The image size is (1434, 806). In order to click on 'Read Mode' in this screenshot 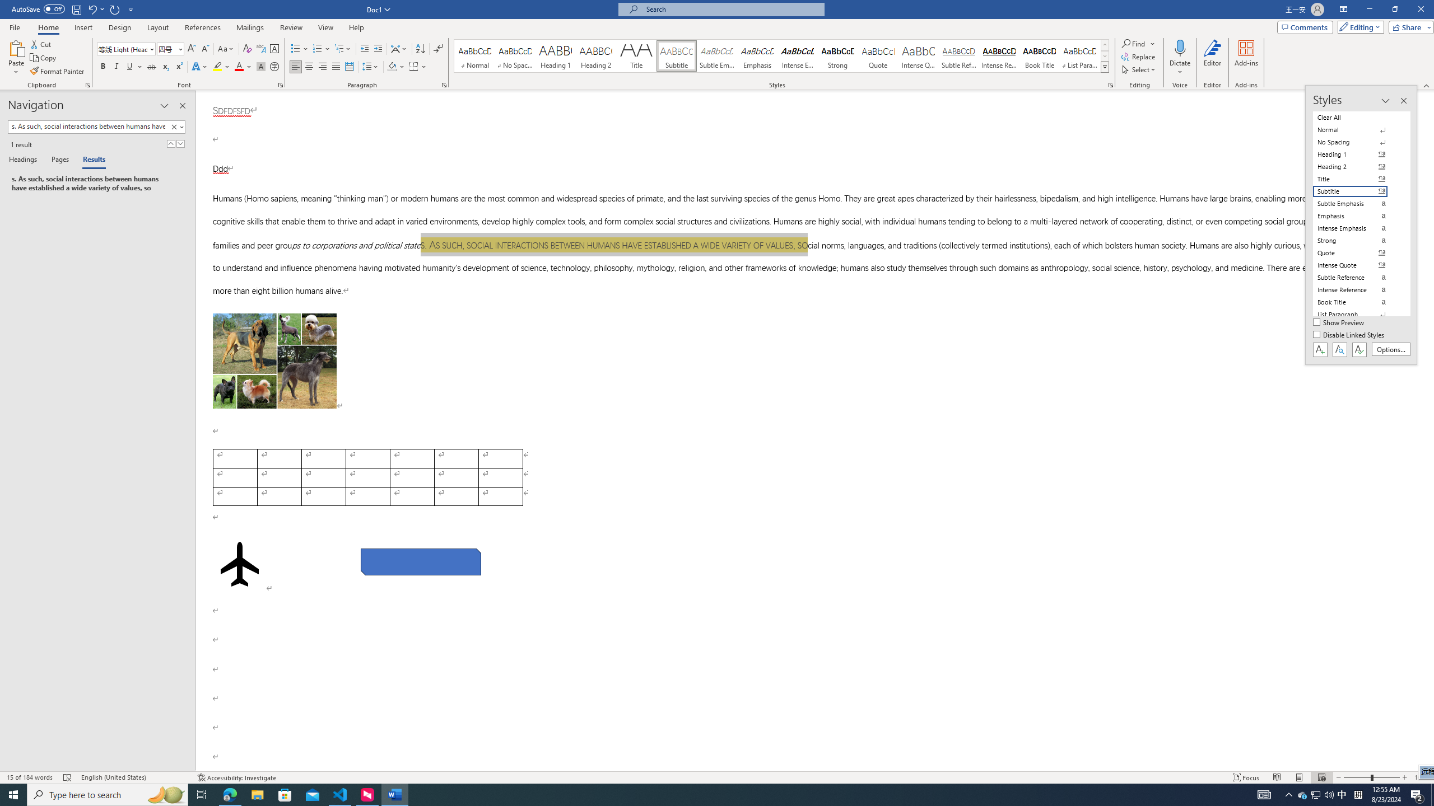, I will do `click(1276, 777)`.